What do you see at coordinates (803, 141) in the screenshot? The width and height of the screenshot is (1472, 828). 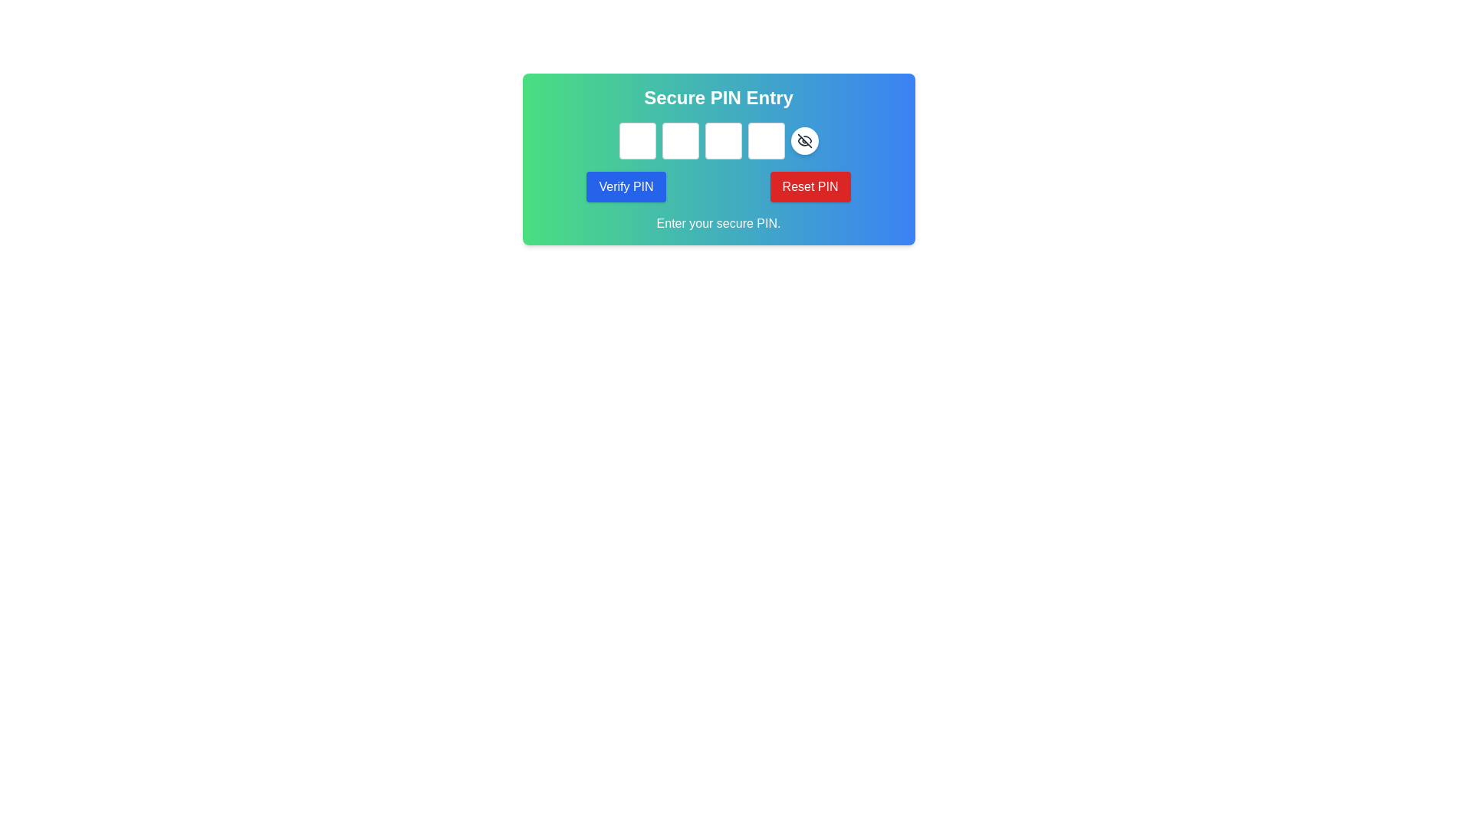 I see `the eye icon with a diagonal line crossing through it` at bounding box center [803, 141].